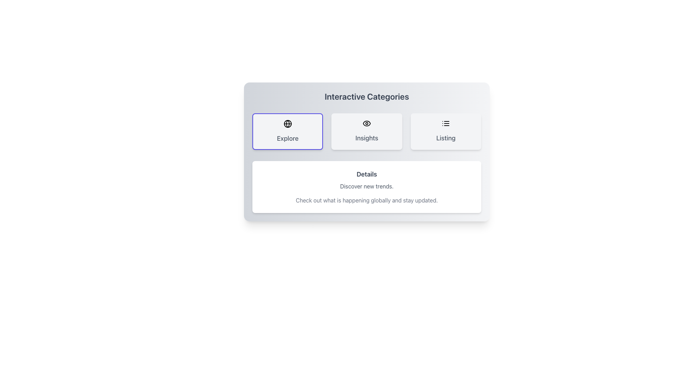  I want to click on the 'Explore' button which is a rectangular button with a rounded gray background and a globe icon above the label, located in the top-left of the group of three buttons, so click(288, 131).